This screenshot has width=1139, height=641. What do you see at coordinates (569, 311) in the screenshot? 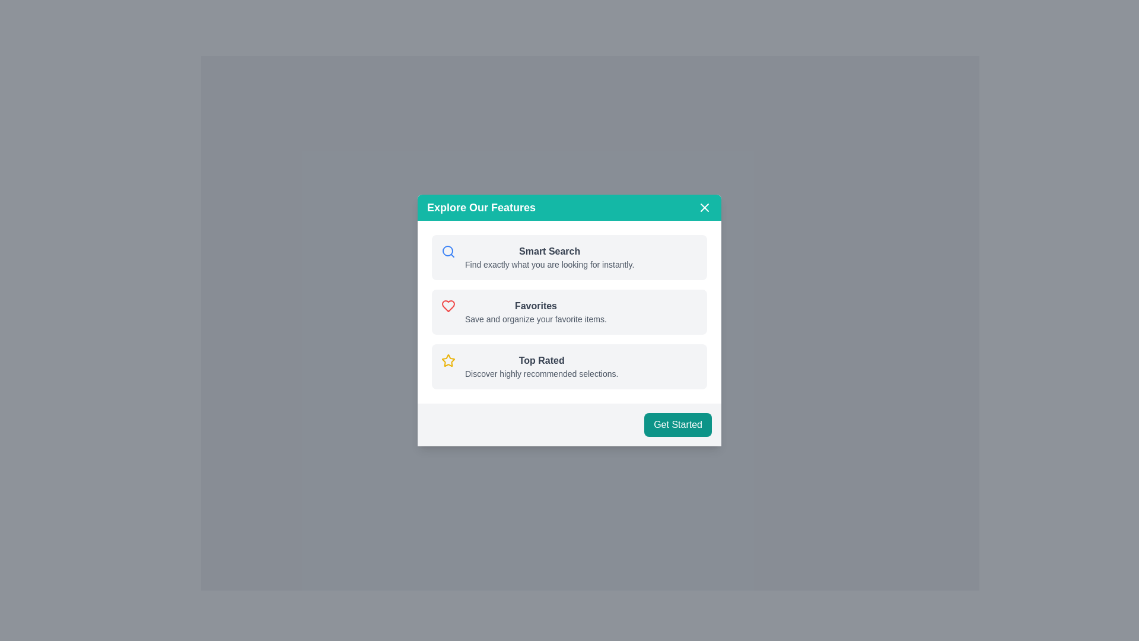
I see `description of the Informational card that informs users about saving and organizing favorite items, located as the second item in a vertical list between 'Smart Search' and 'Top Rated'` at bounding box center [569, 311].